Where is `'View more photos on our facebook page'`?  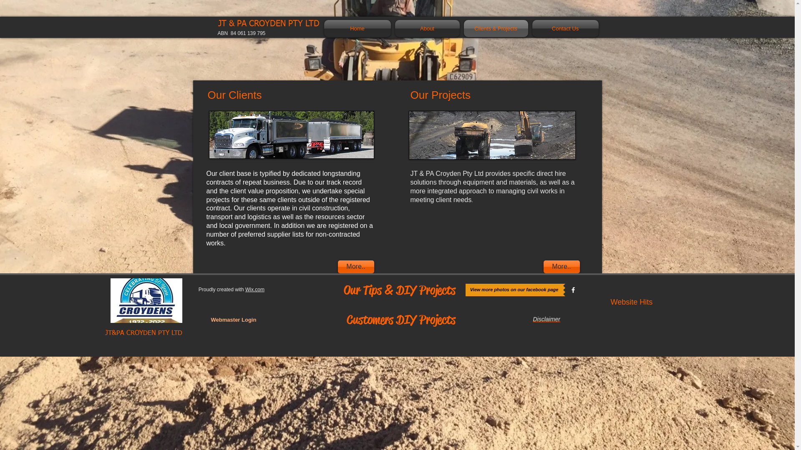 'View more photos on our facebook page' is located at coordinates (514, 289).